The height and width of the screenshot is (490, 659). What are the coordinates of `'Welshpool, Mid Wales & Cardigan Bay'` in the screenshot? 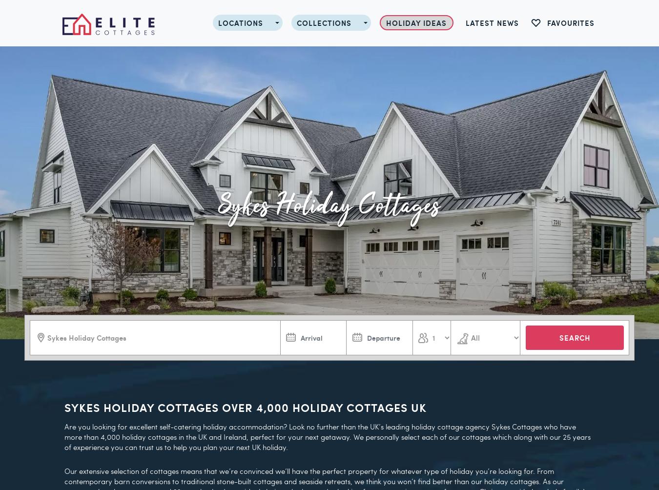 It's located at (265, 262).